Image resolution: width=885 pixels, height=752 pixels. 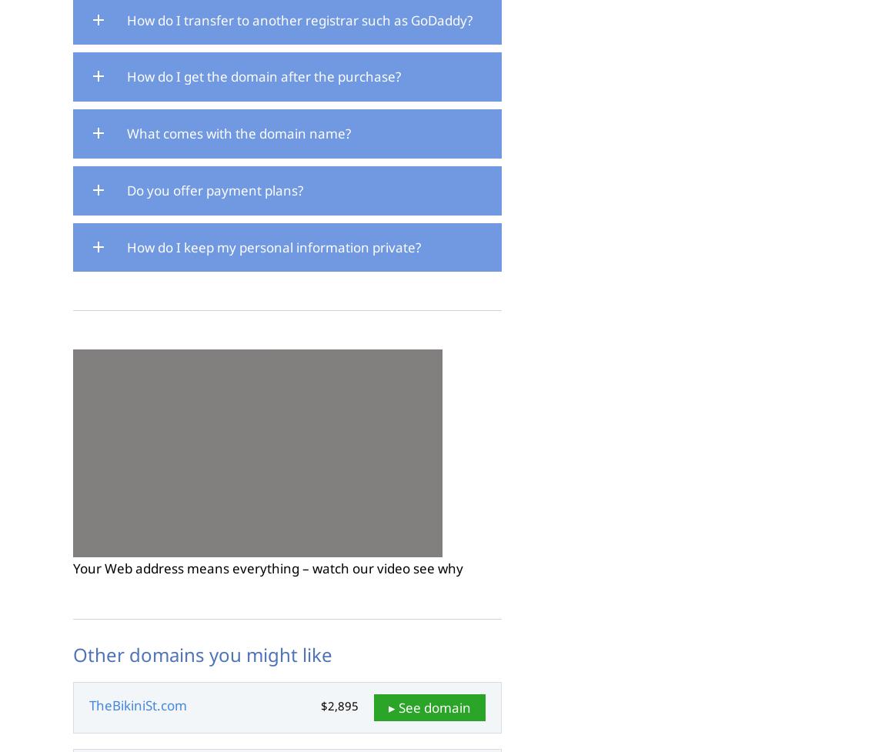 I want to click on 'Do you offer payment plans?', so click(x=214, y=189).